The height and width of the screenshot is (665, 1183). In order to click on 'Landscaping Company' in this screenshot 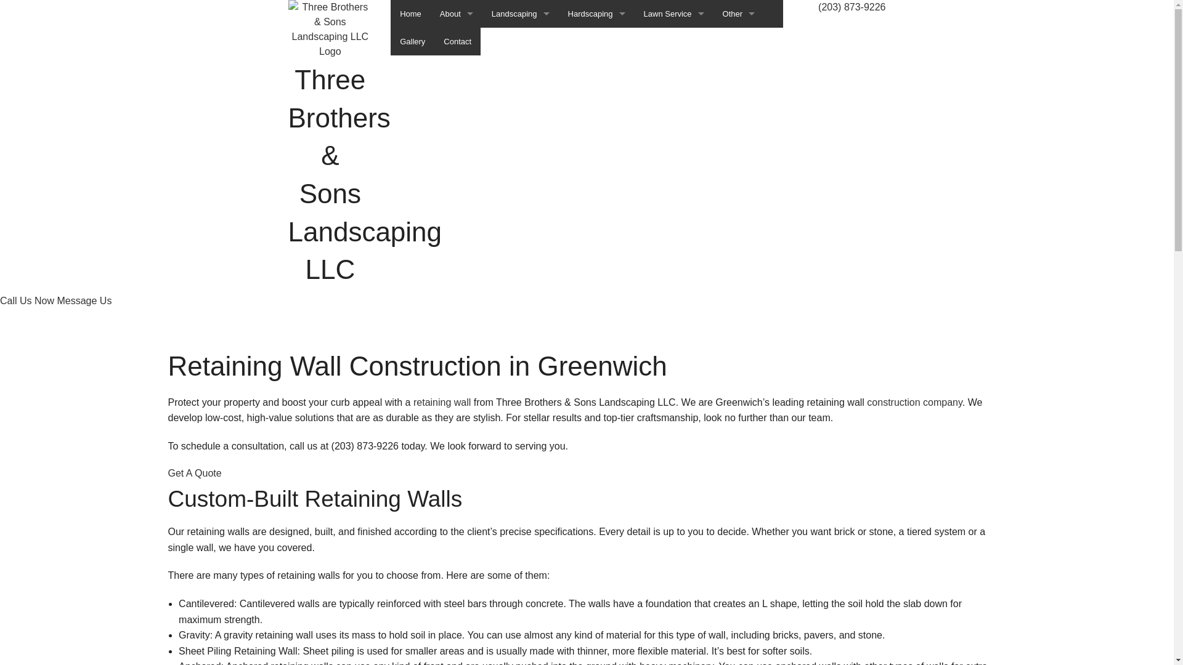, I will do `click(520, 96)`.